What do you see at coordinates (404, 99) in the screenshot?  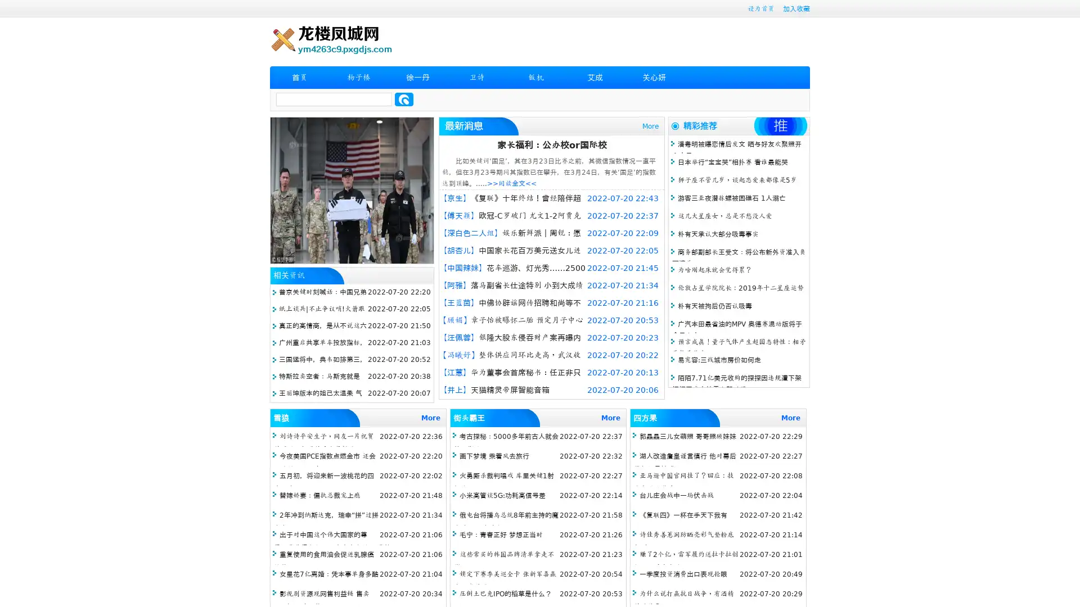 I see `Search` at bounding box center [404, 99].